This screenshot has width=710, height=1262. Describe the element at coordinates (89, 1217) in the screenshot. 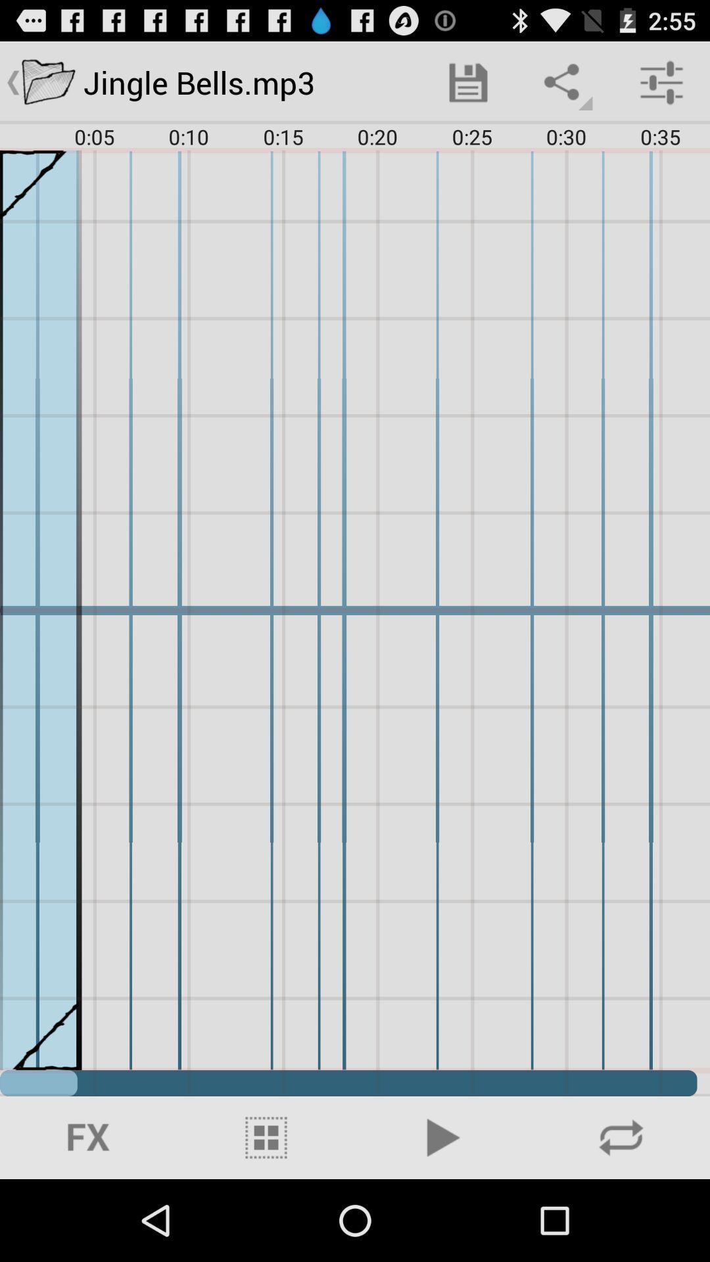

I see `the sliders icon` at that location.